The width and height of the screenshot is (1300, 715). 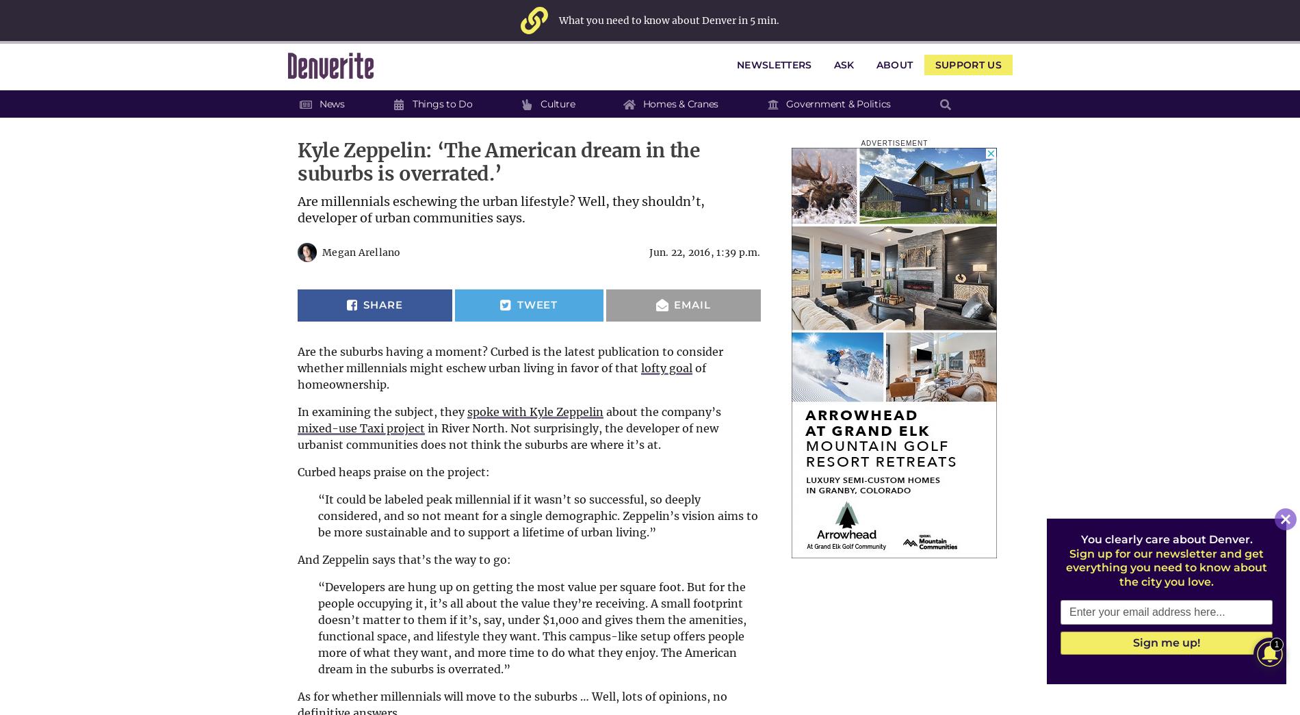 What do you see at coordinates (1165, 538) in the screenshot?
I see `'You clearly care about Denver.'` at bounding box center [1165, 538].